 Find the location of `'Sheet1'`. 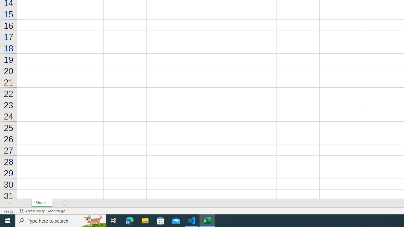

'Sheet1' is located at coordinates (41, 203).